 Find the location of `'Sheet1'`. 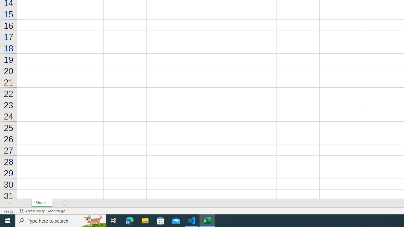

'Sheet1' is located at coordinates (41, 203).